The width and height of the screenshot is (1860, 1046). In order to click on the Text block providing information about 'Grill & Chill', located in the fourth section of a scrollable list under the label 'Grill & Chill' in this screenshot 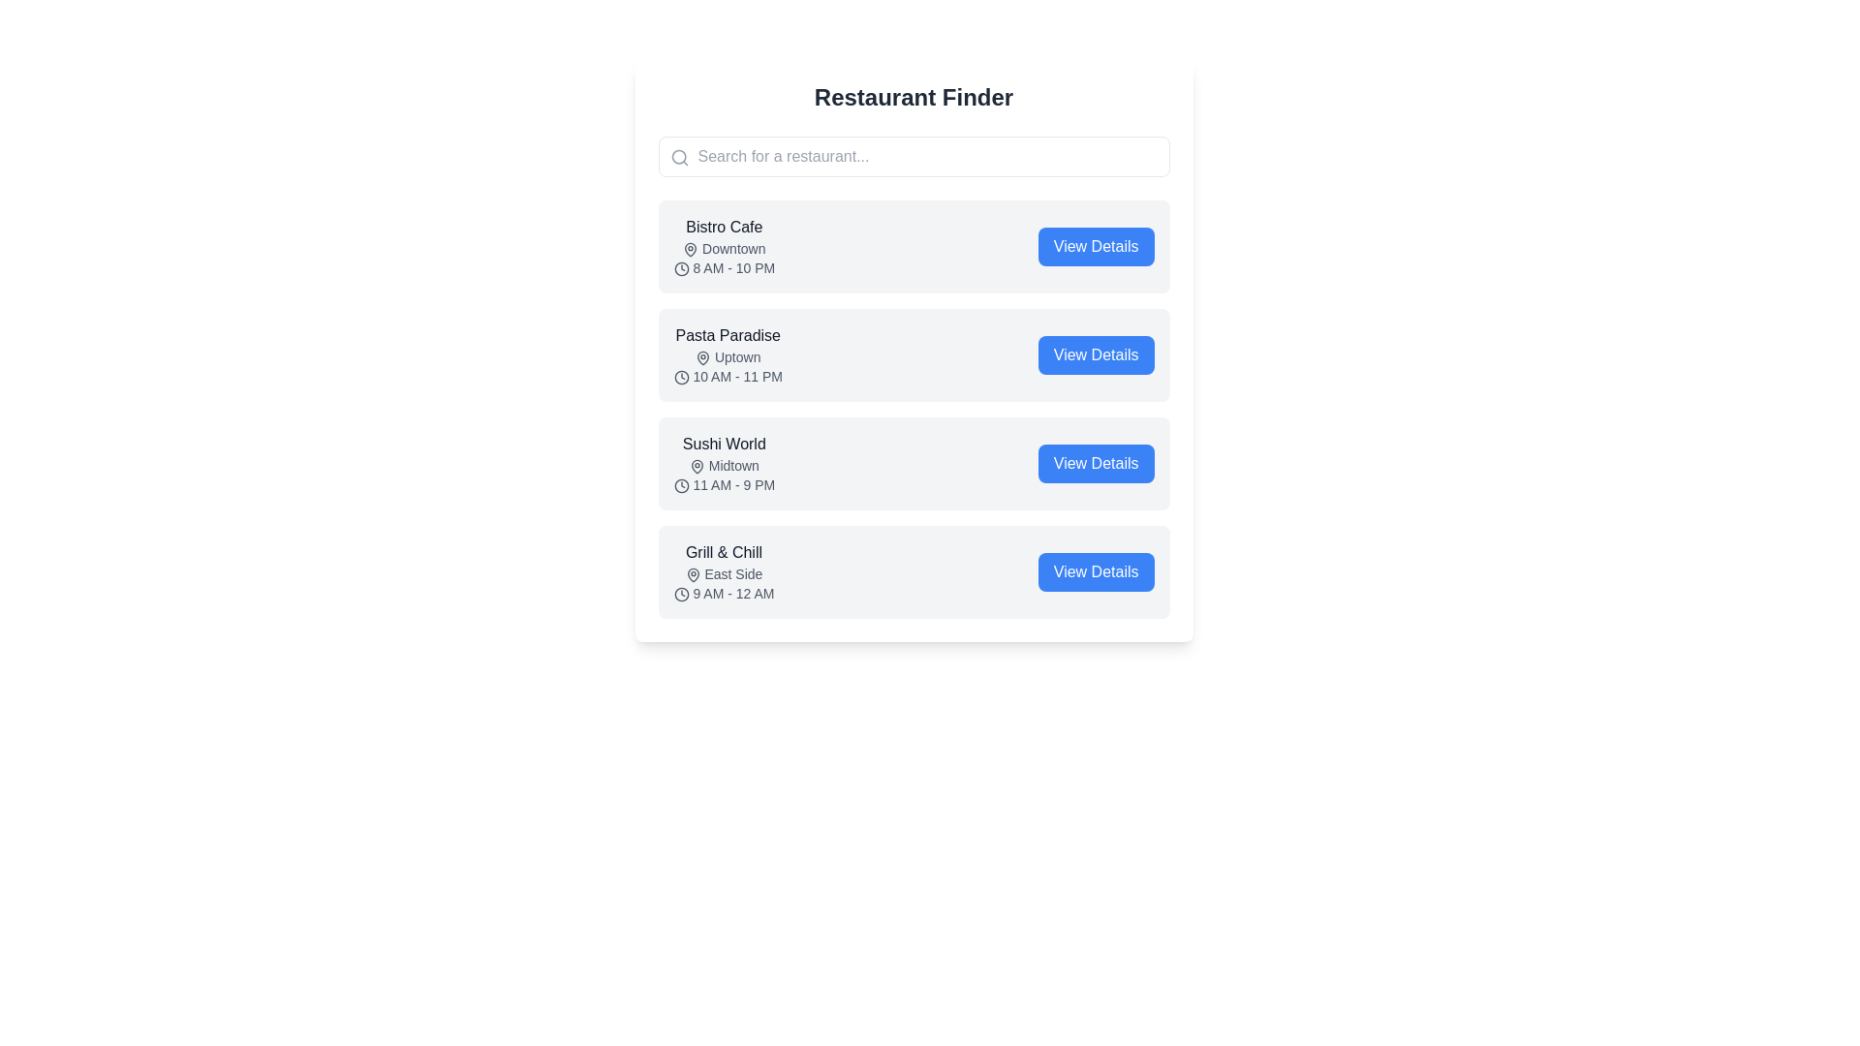, I will do `click(723, 570)`.